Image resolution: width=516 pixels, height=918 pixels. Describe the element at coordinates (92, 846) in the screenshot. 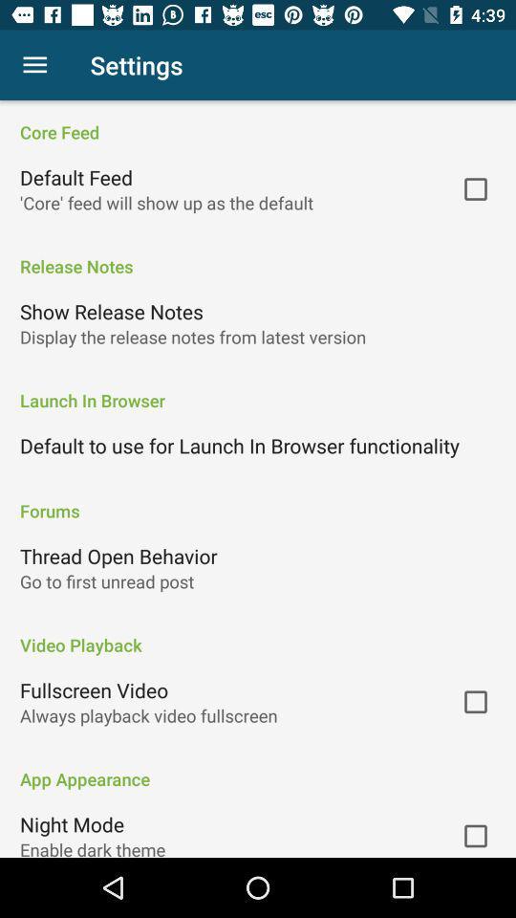

I see `enable dark theme item` at that location.